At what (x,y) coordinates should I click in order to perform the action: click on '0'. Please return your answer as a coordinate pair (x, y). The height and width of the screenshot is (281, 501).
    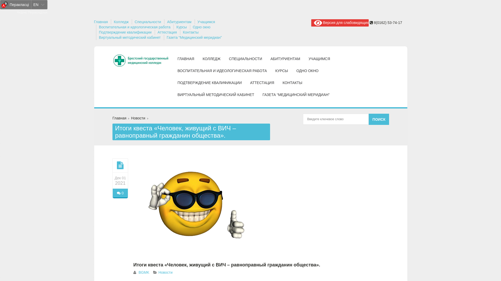
    Looking at the image, I should click on (112, 193).